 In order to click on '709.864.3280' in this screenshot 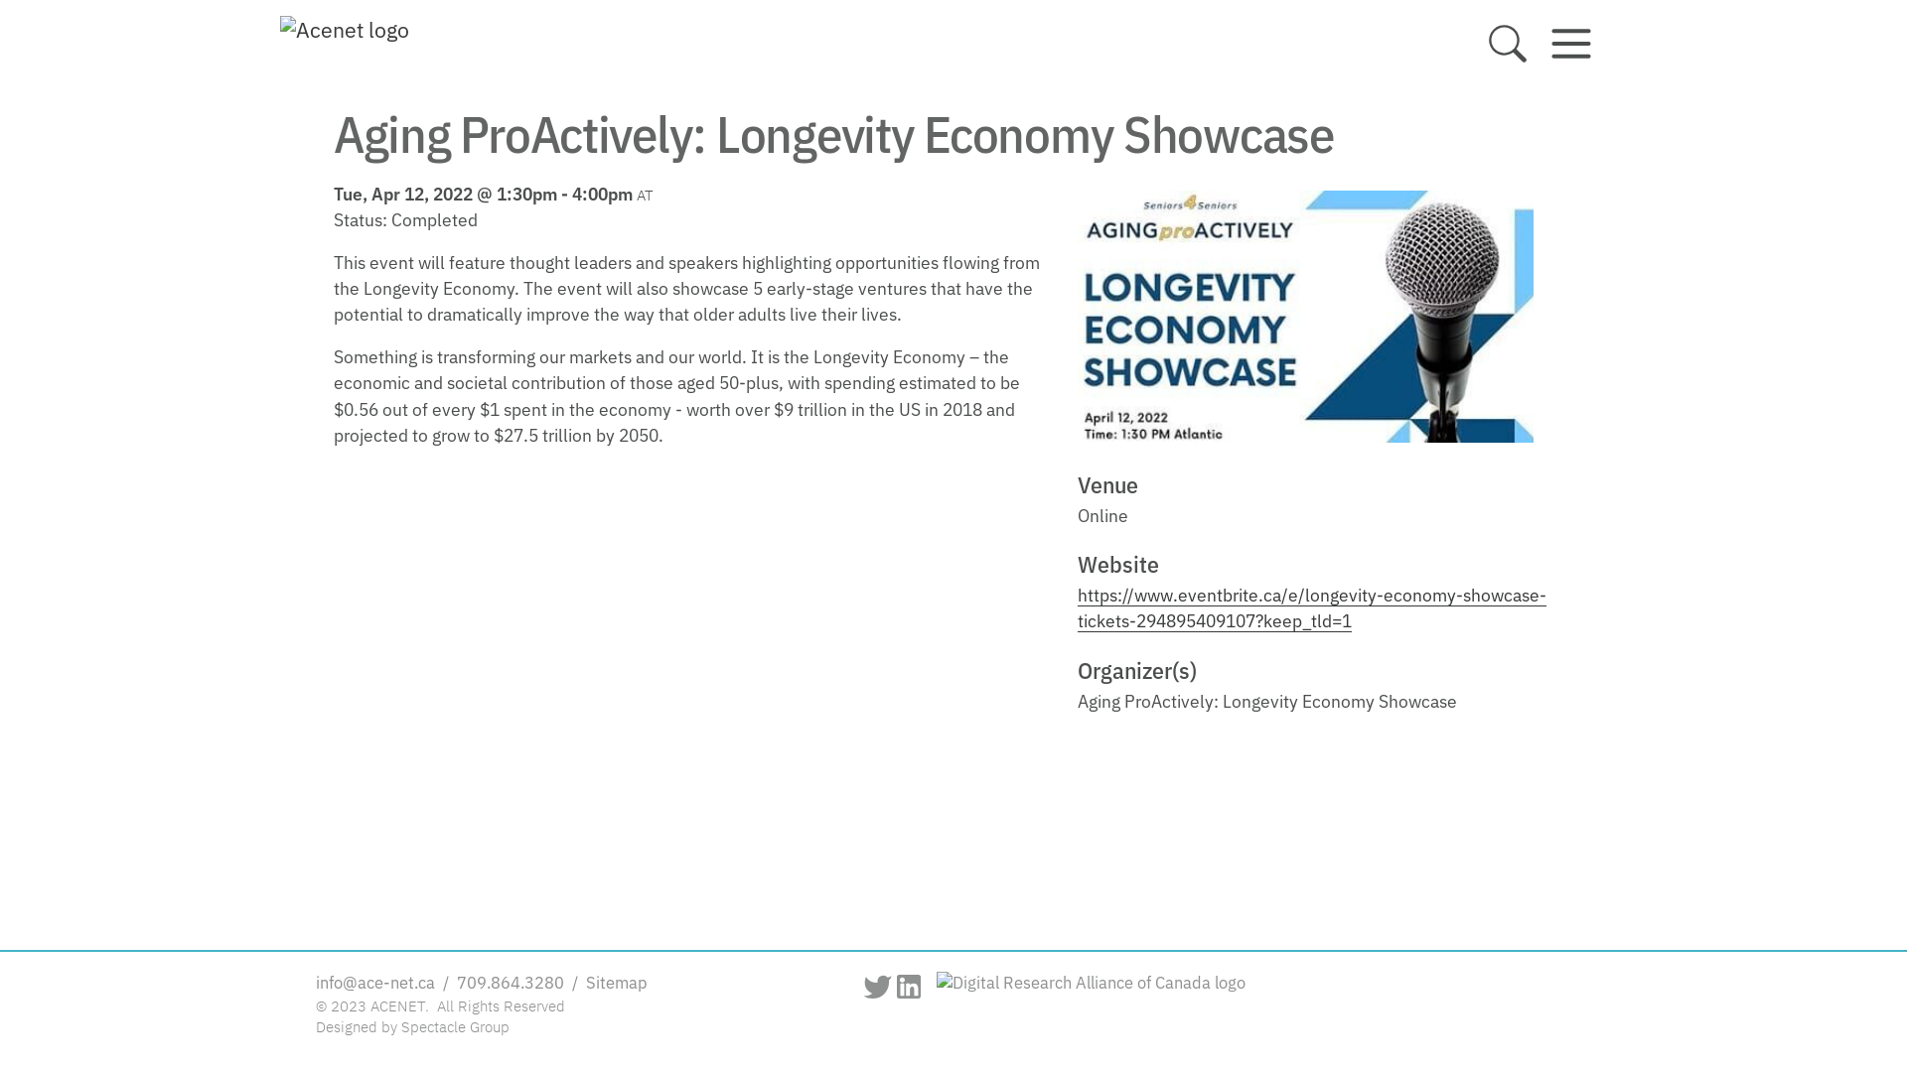, I will do `click(510, 984)`.